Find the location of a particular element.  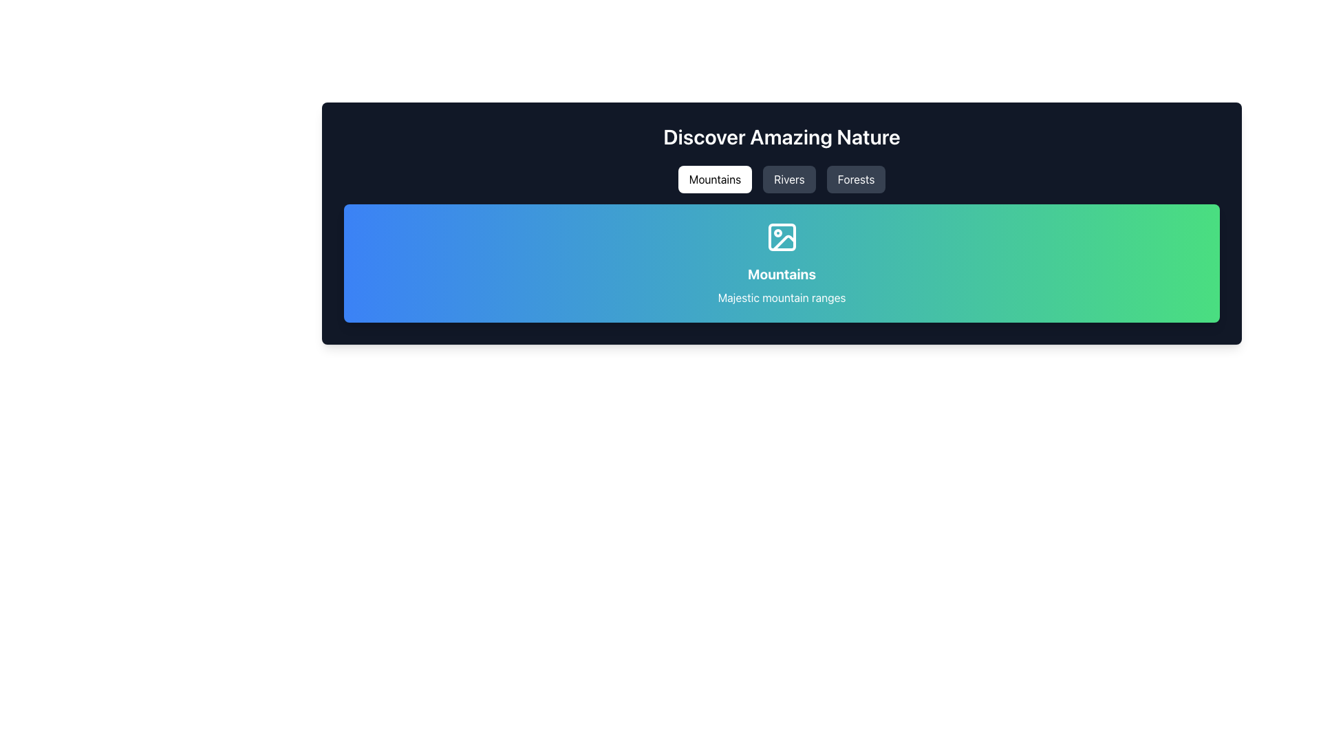

the top-left rectangle-shaped graphical component with rounded corners in the SVG icon above the text 'Mountains' is located at coordinates (782, 236).